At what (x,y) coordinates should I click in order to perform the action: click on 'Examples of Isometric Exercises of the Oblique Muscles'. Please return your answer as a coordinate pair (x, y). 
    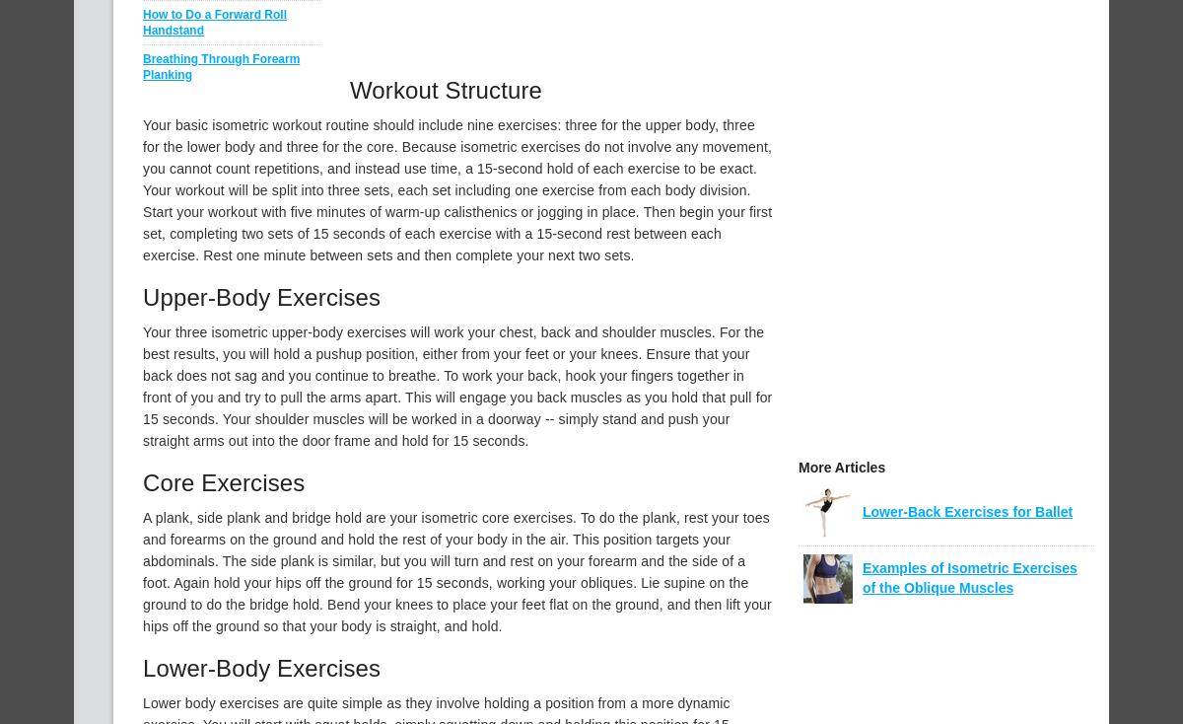
    Looking at the image, I should click on (969, 578).